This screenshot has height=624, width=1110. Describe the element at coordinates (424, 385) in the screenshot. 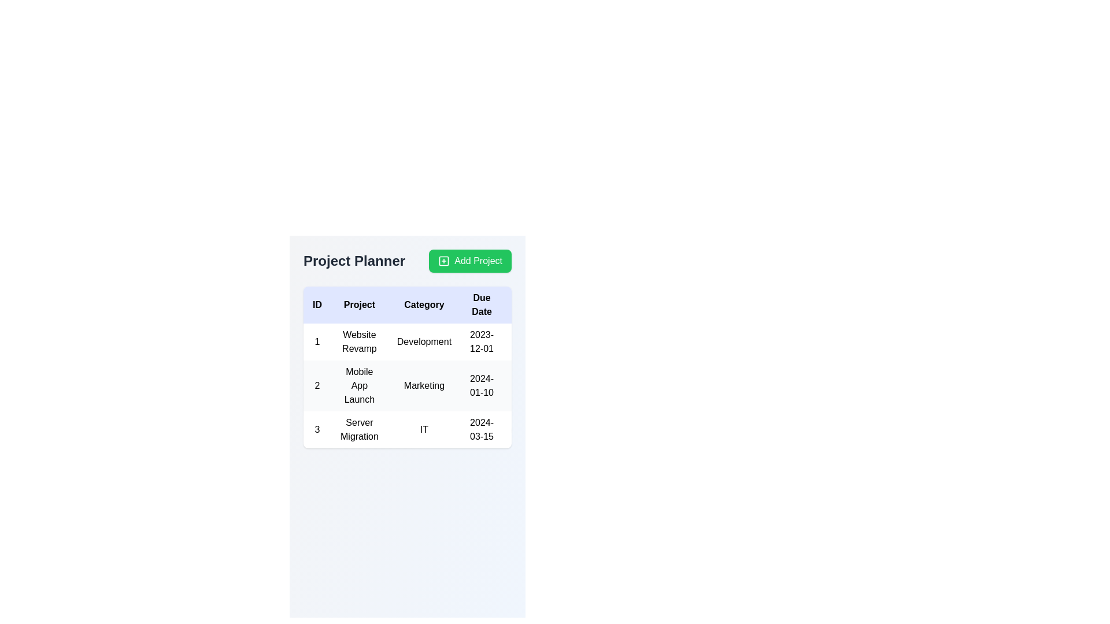

I see `the Text Display Field displaying 'Marketing' in the second row, third column of the table` at that location.